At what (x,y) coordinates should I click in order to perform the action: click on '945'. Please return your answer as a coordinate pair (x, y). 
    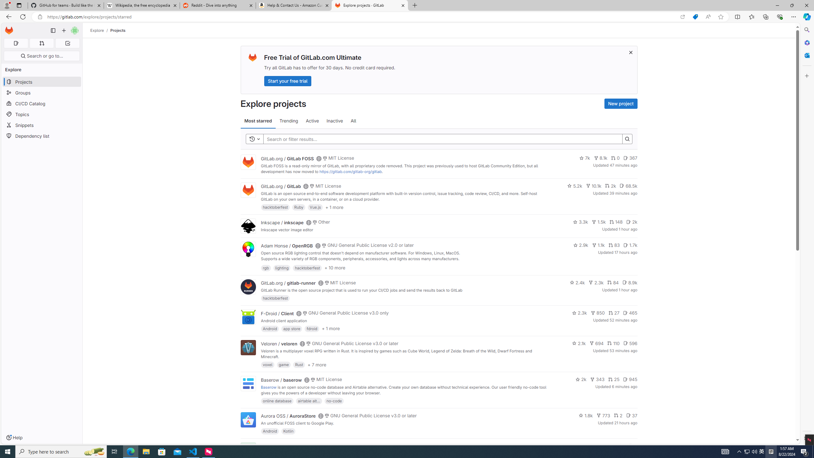
    Looking at the image, I should click on (630, 379).